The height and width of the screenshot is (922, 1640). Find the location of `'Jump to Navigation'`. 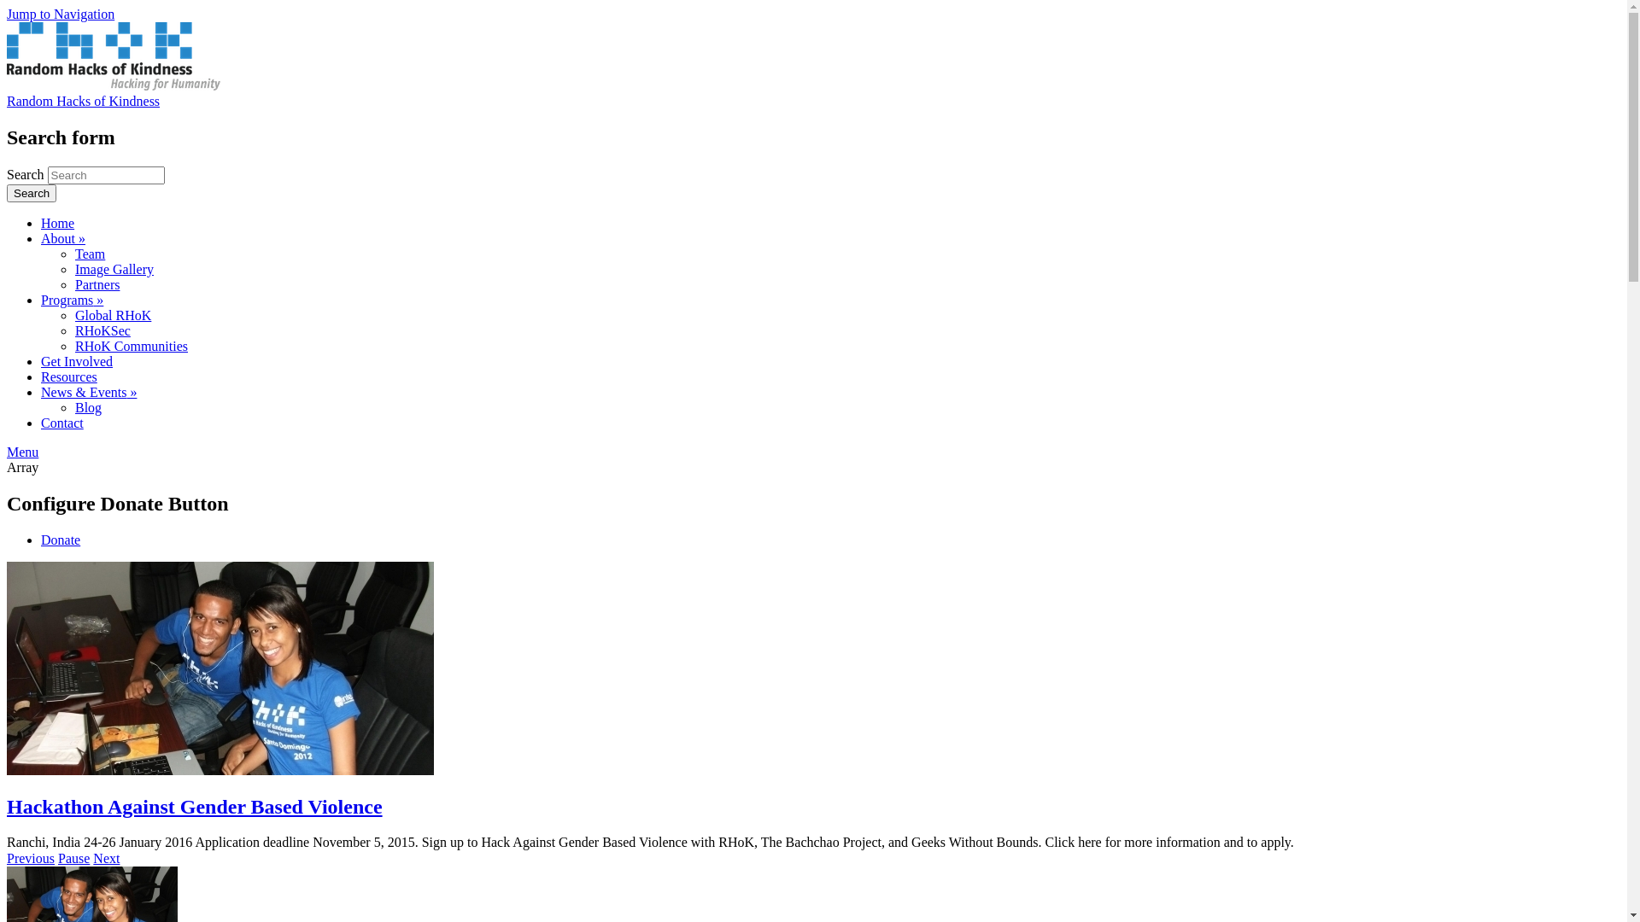

'Jump to Navigation' is located at coordinates (61, 14).